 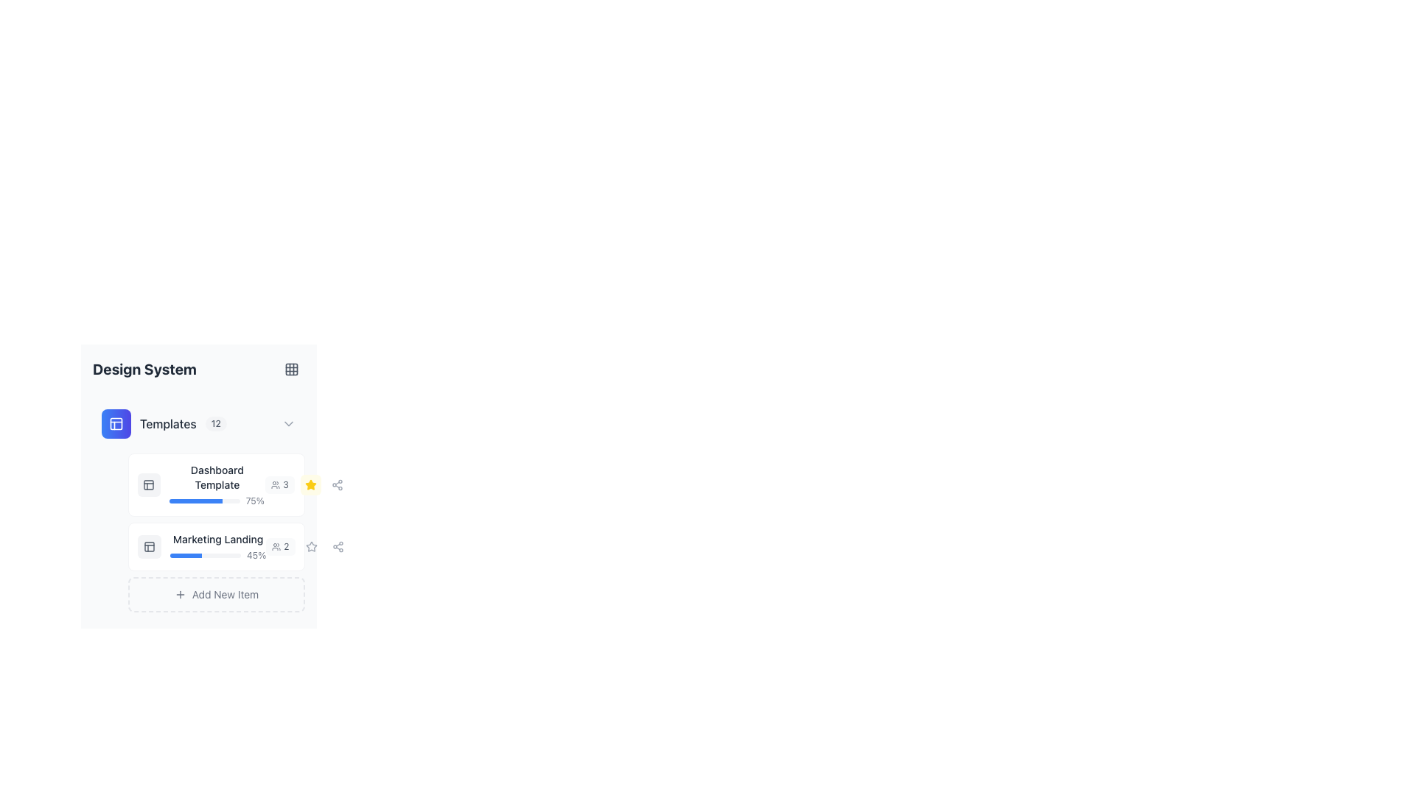 I want to click on the sharing feature button represented by three interconnected circles, located to the right of the 'Marketing Landing' template entry in the 'Templates' section, so click(x=294, y=700).